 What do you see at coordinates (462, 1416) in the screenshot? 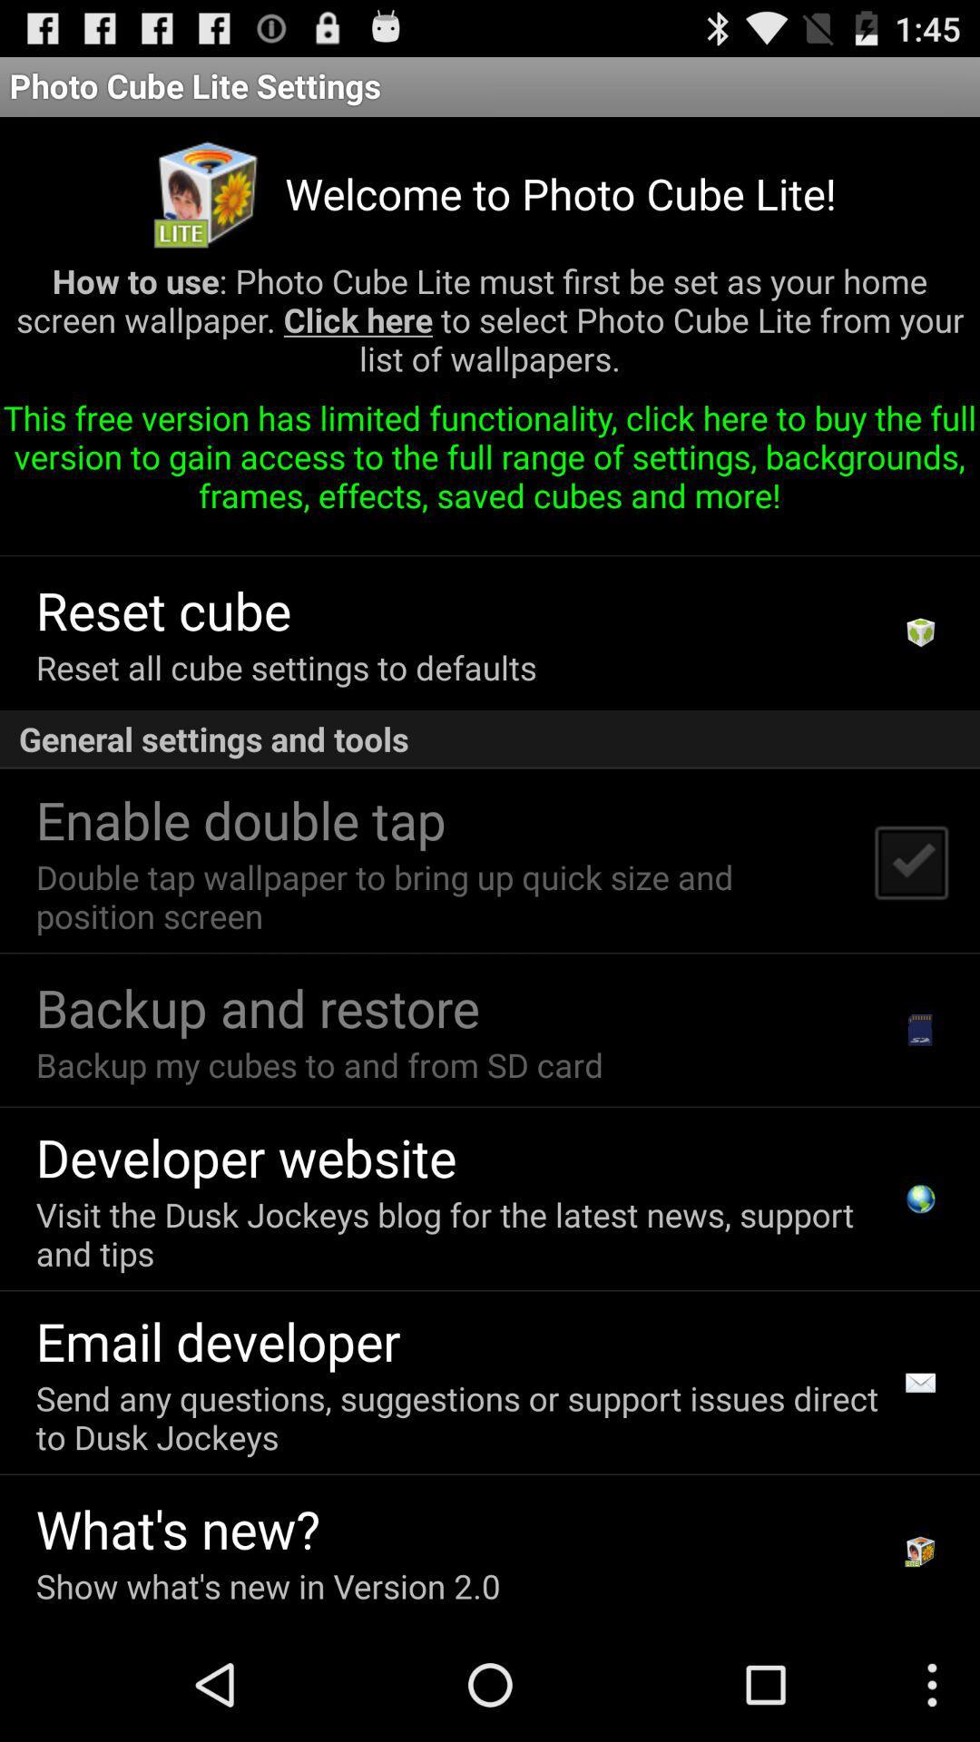
I see `send any questions icon` at bounding box center [462, 1416].